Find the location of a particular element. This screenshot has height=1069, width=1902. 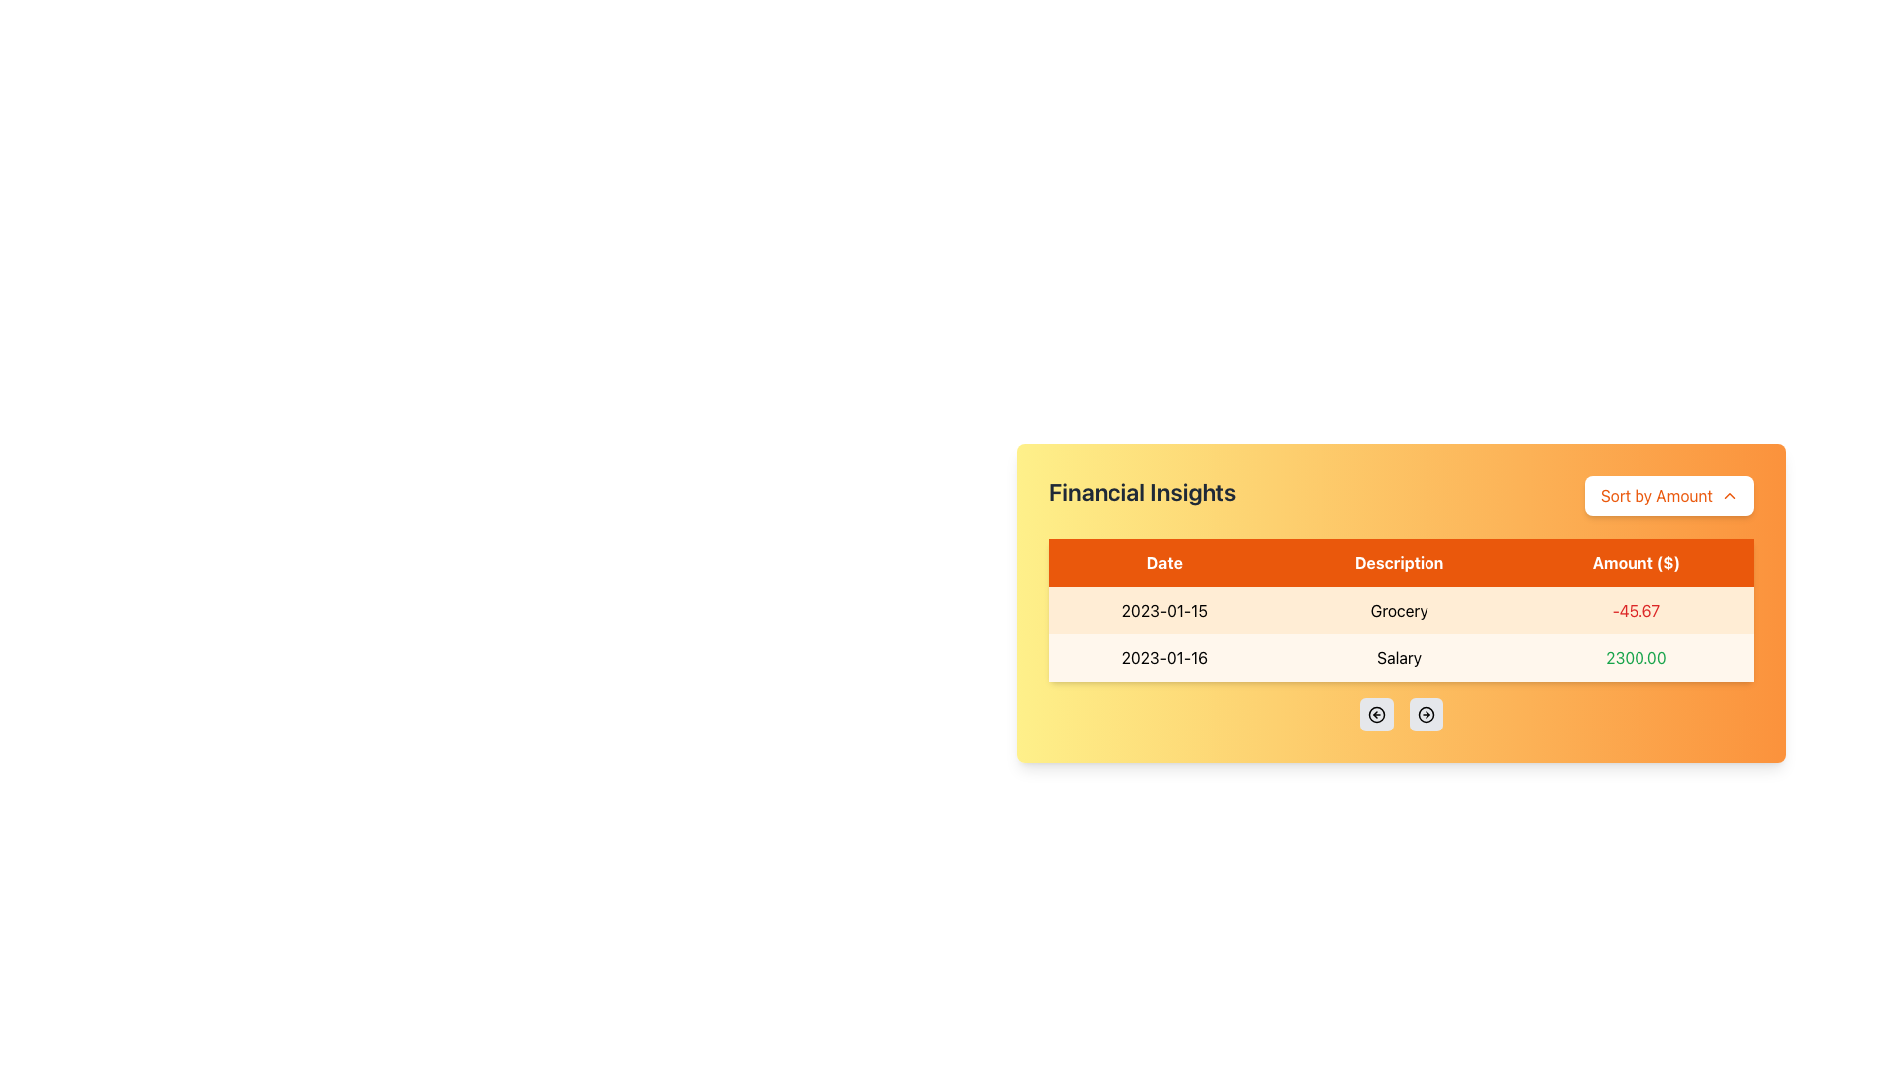

the text display element showing the value '-45.67' in red font color, located in the third column of the first row under the 'Amount ($)' header, corresponding to 'Grocery' on '2023-01-15' is located at coordinates (1636, 610).